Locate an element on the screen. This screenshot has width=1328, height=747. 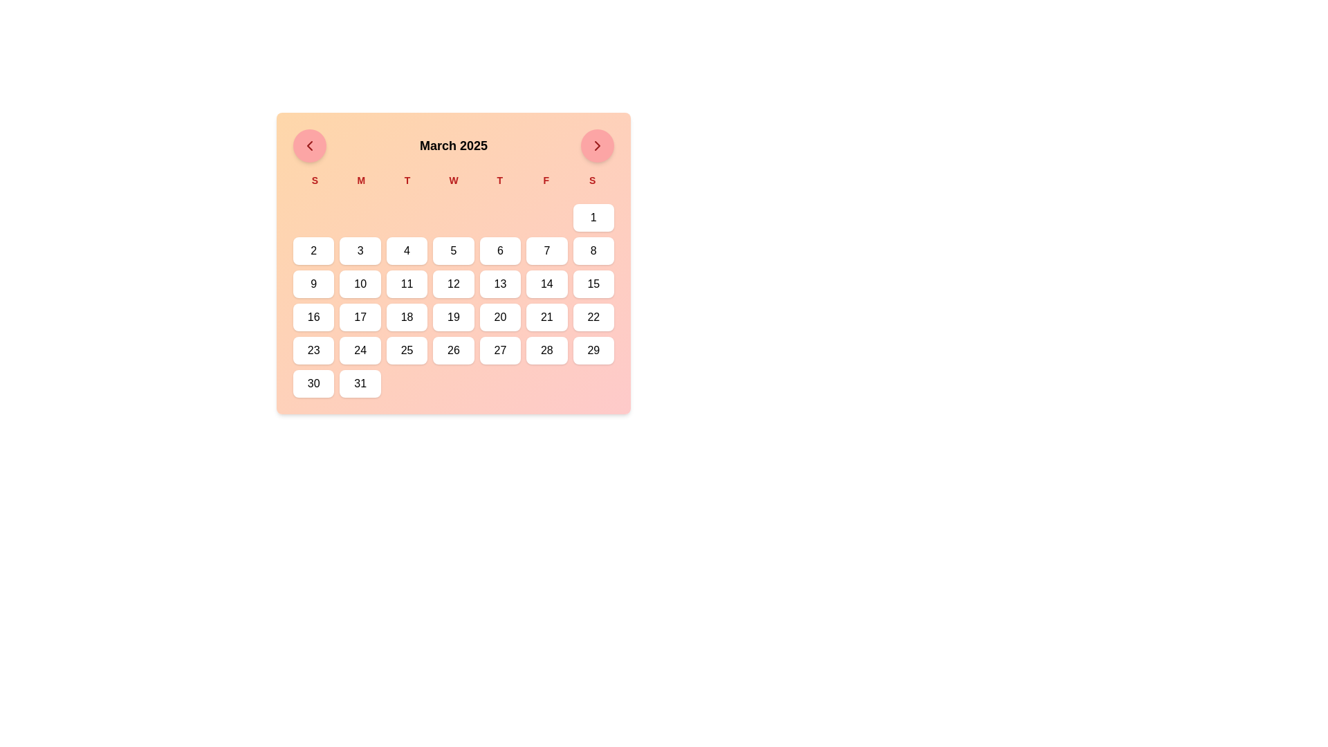
the text label for 'Friday' in the weekly calendar layout, which is located in the sixth position representing the day of the week is located at coordinates (545, 180).